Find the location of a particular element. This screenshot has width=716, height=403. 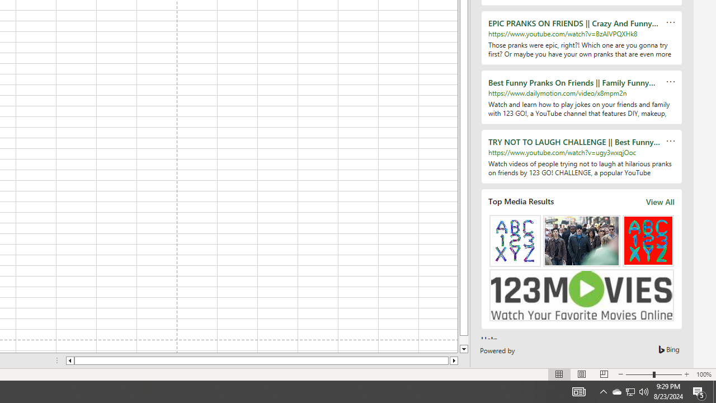

'Column right' is located at coordinates (454, 360).